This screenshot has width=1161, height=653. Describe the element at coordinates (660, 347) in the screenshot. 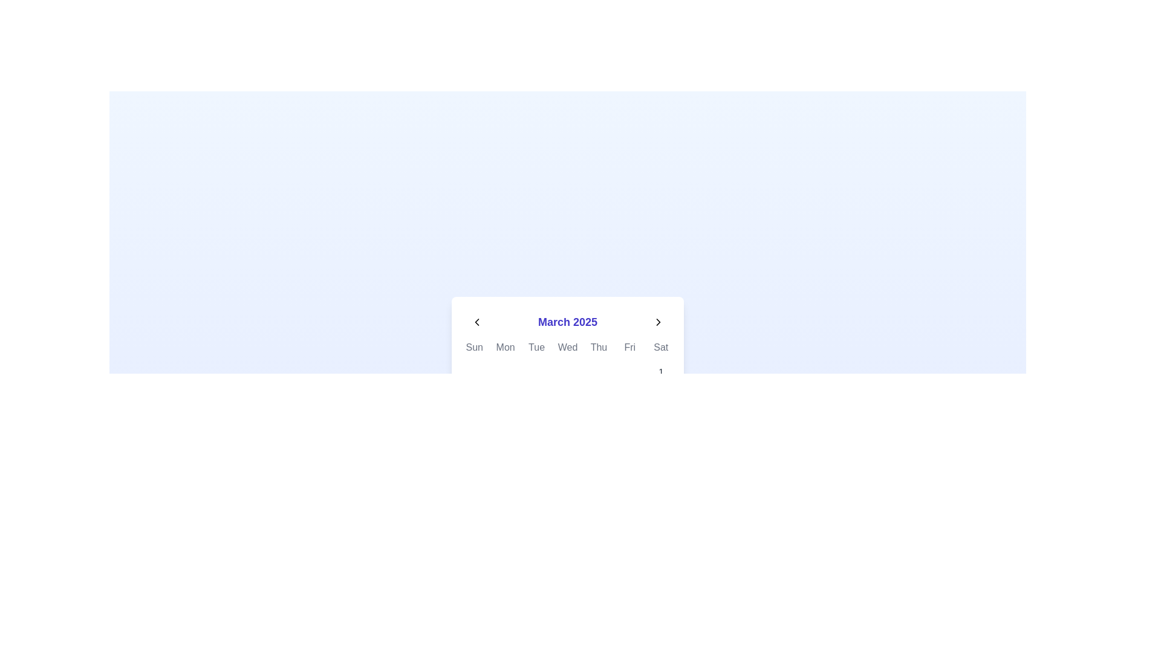

I see `the text label indicating the day of the week in the calendar, specifically the last item in the row of day names under 'March 2025'` at that location.